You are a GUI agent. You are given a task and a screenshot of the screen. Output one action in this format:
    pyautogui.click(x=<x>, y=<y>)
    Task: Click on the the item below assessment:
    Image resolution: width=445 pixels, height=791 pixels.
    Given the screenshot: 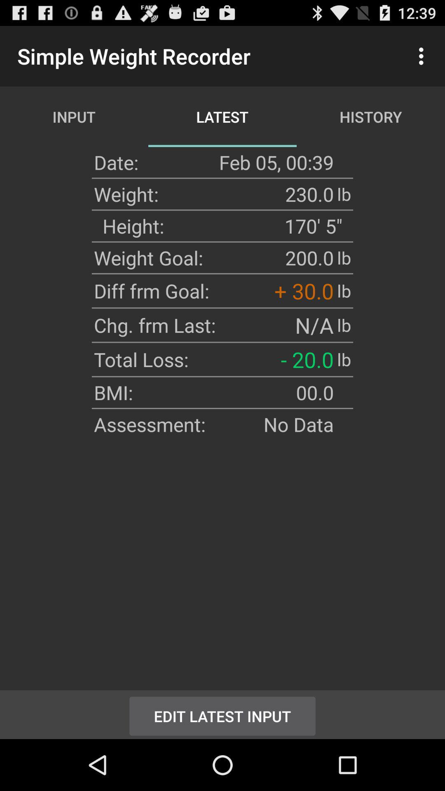 What is the action you would take?
    pyautogui.click(x=222, y=714)
    